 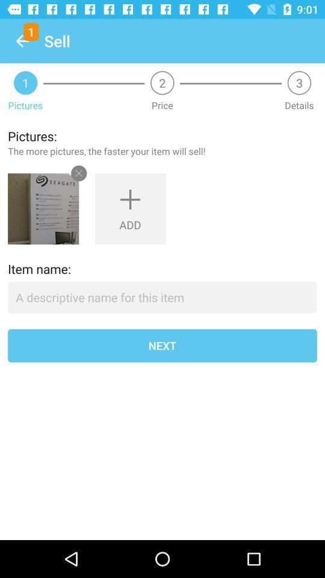 I want to click on item to the left of the sell icon, so click(x=22, y=41).